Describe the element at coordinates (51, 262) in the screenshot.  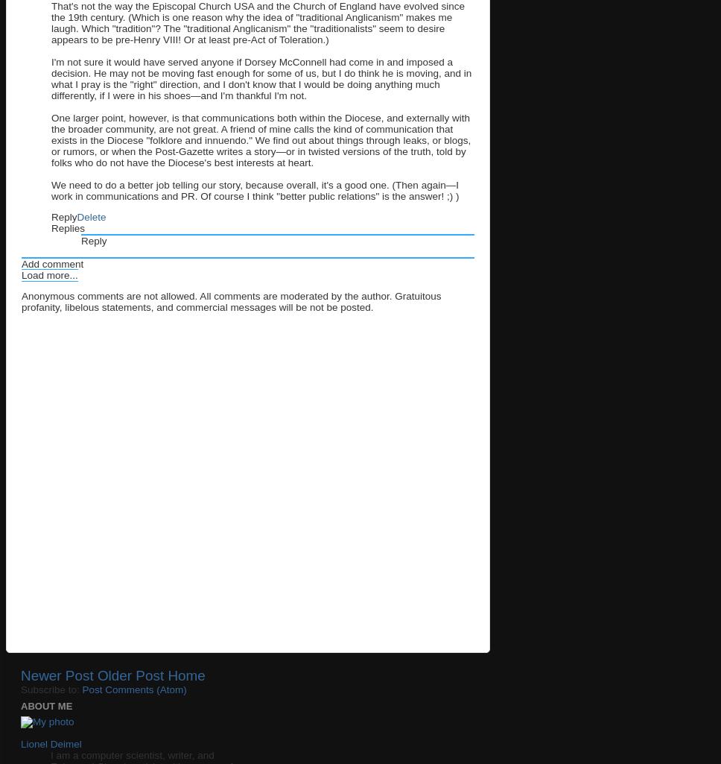
I see `'Add comment'` at that location.